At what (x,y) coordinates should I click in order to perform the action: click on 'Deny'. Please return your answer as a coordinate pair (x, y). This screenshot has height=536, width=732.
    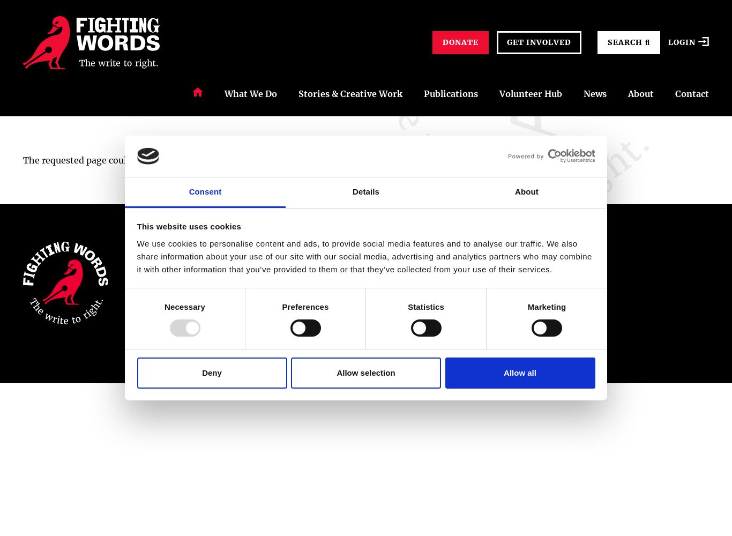
    Looking at the image, I should click on (201, 371).